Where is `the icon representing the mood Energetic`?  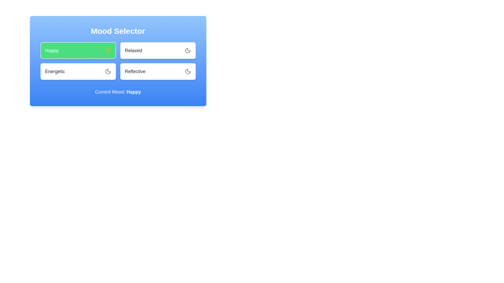
the icon representing the mood Energetic is located at coordinates (108, 72).